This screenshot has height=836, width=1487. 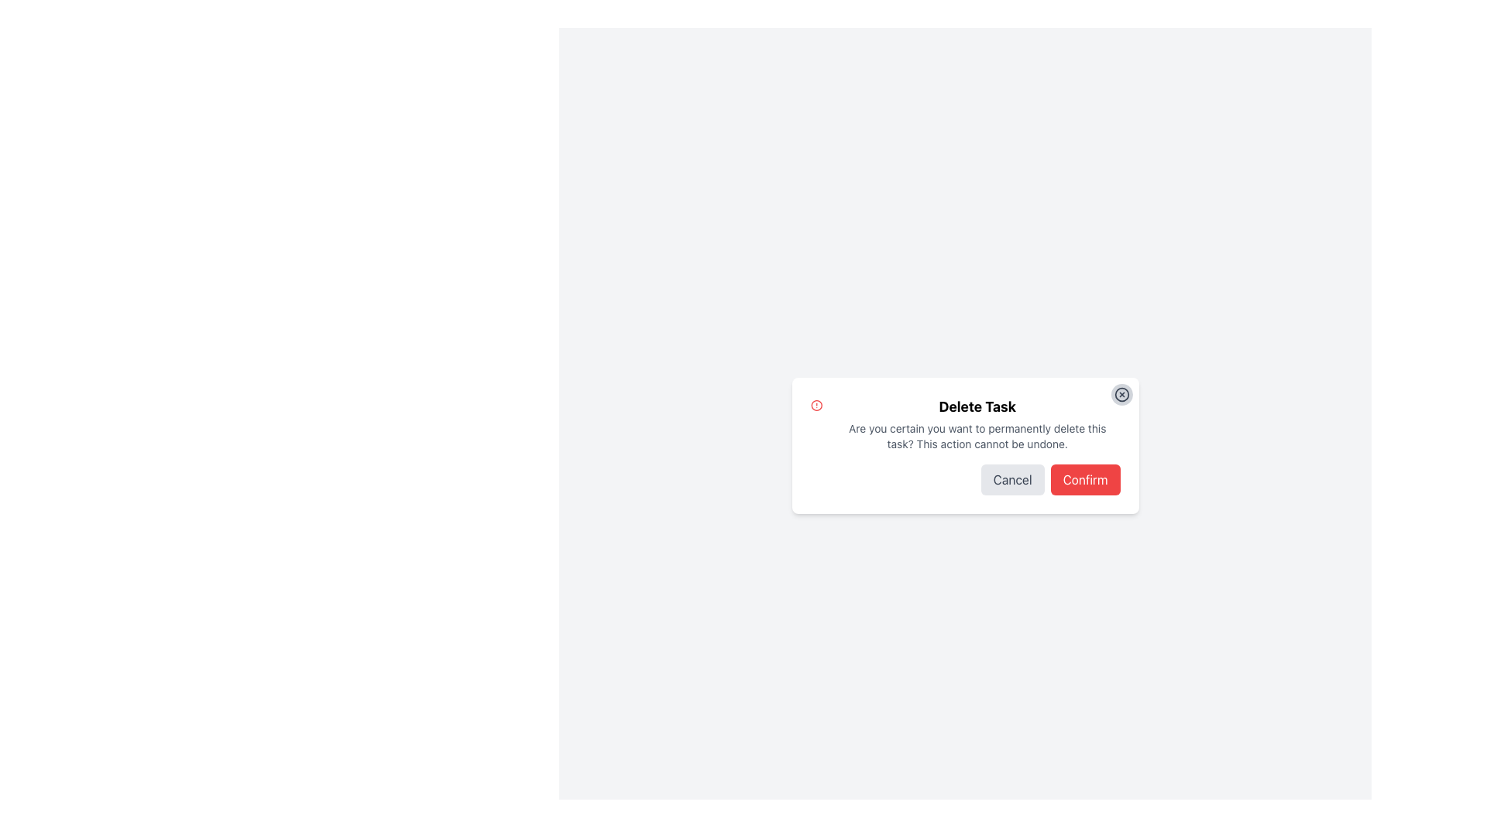 What do you see at coordinates (1121, 393) in the screenshot?
I see `the circular button with a light gray background and dark gray border encapsulating an 'X' icon, located at the top-right corner of the 'Delete Task' dialog box` at bounding box center [1121, 393].